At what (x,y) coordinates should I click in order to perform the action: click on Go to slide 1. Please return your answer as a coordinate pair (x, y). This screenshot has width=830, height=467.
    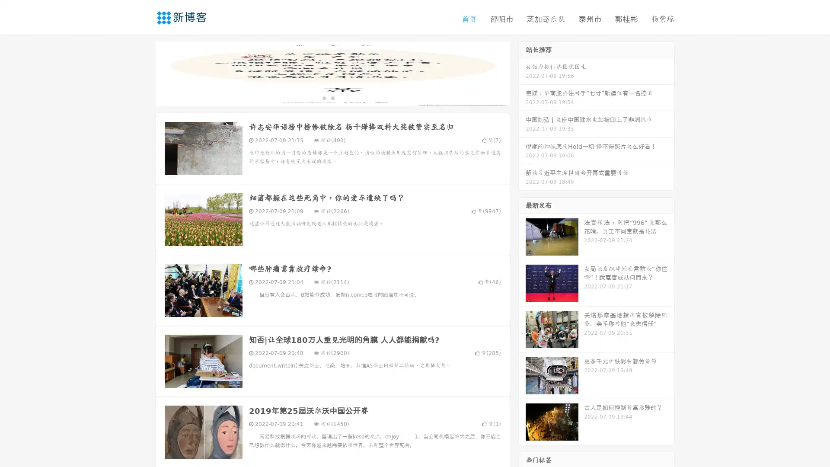
    Looking at the image, I should click on (323, 97).